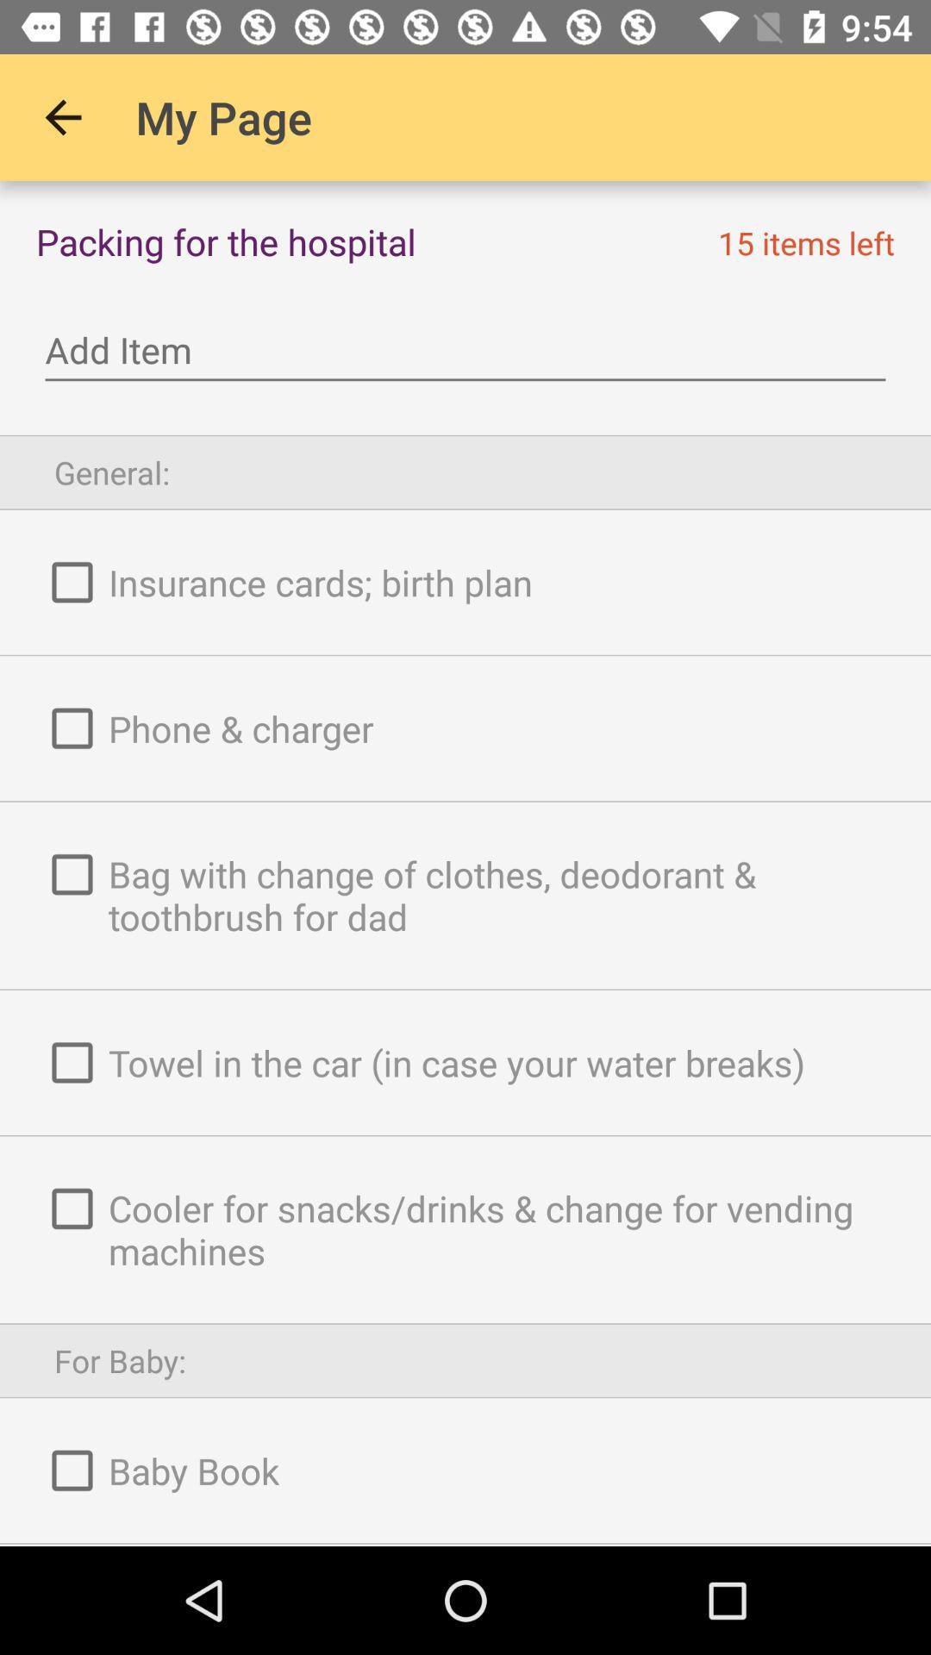 This screenshot has width=931, height=1655. What do you see at coordinates (62, 116) in the screenshot?
I see `icon next to the my page` at bounding box center [62, 116].